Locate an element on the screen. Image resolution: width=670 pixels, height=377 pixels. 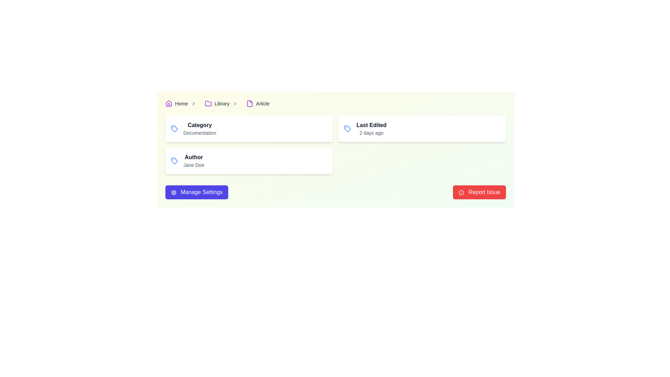
the informational text display showing 'Last Edited 2 days ago', which is located in the top-right quadrant and is paired with a tag icon is located at coordinates (371, 129).